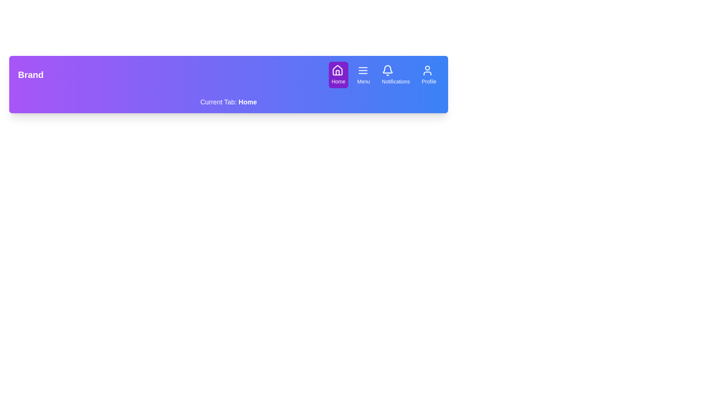 This screenshot has height=397, width=707. What do you see at coordinates (337, 70) in the screenshot?
I see `the house-shaped 'Home' icon located at the first position in the navigation bar` at bounding box center [337, 70].